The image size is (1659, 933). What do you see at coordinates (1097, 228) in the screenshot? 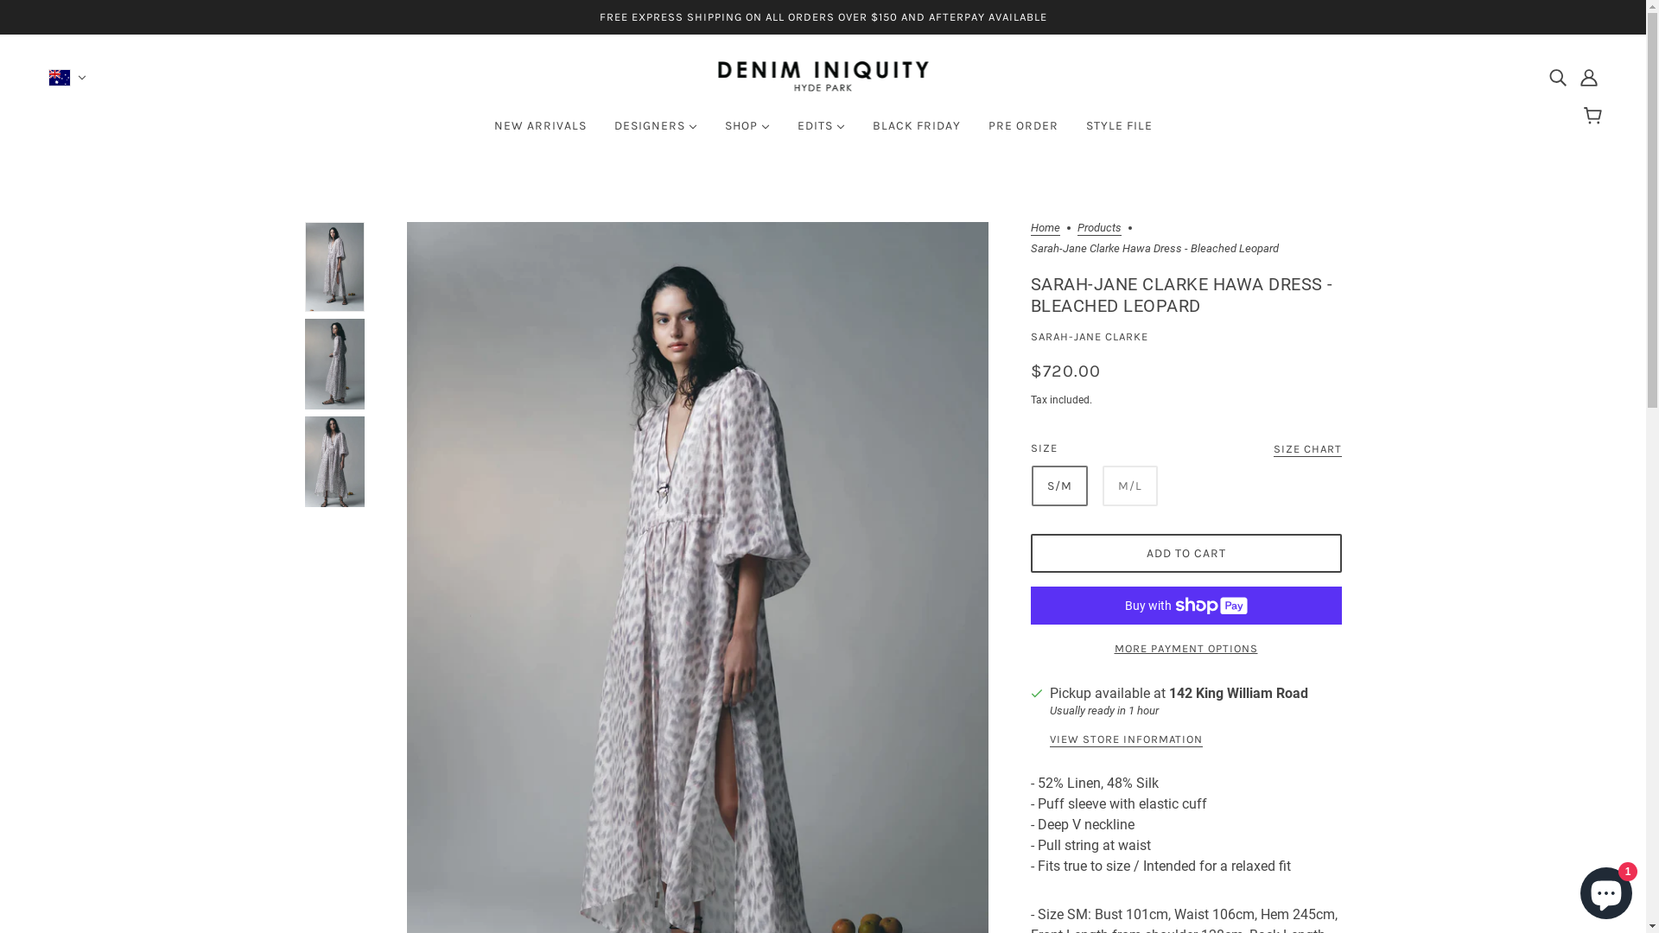
I see `'Products'` at bounding box center [1097, 228].